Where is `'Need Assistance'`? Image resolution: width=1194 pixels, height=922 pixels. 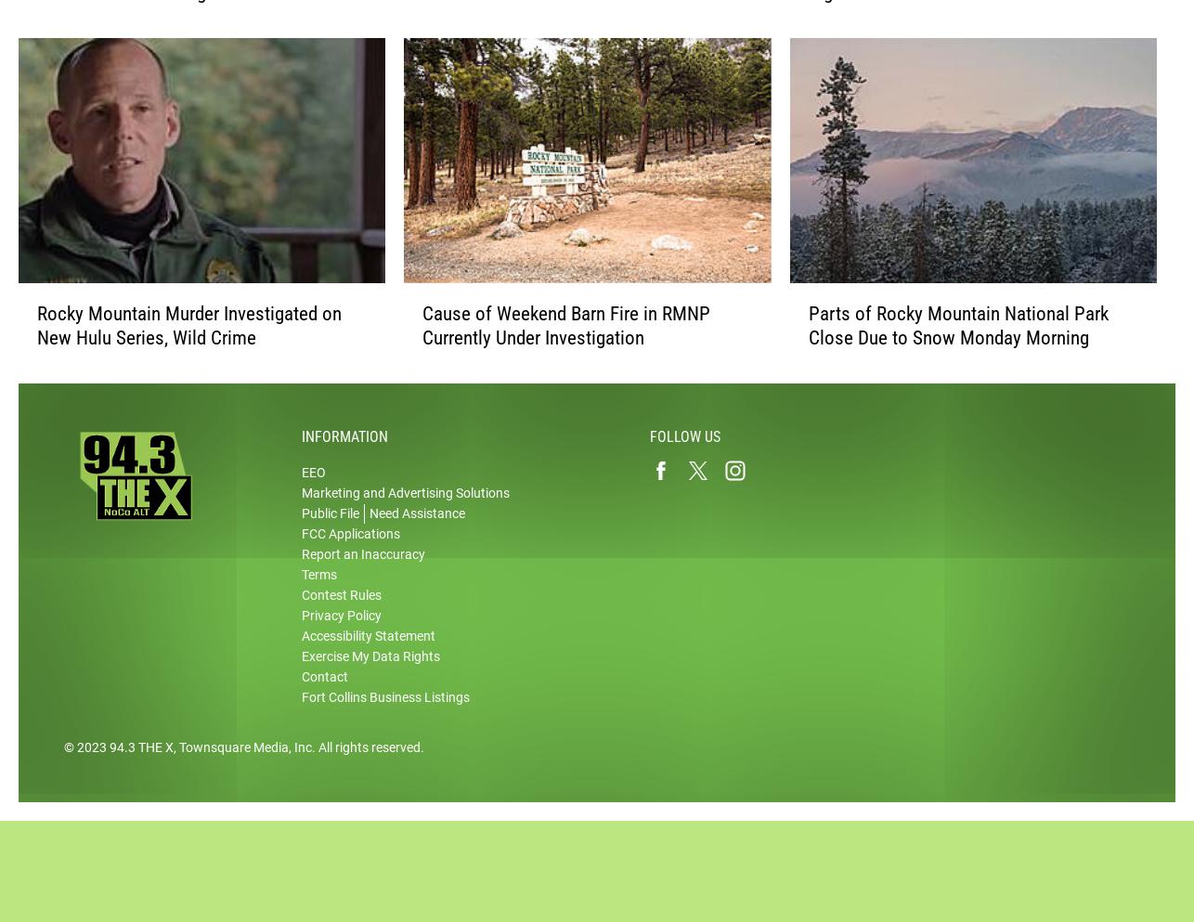
'Need Assistance' is located at coordinates (416, 531).